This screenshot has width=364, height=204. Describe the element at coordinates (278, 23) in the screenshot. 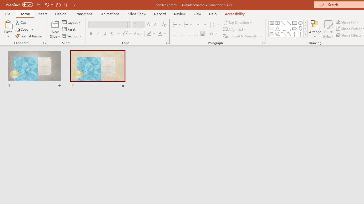

I see `'Vertical Text Box'` at that location.